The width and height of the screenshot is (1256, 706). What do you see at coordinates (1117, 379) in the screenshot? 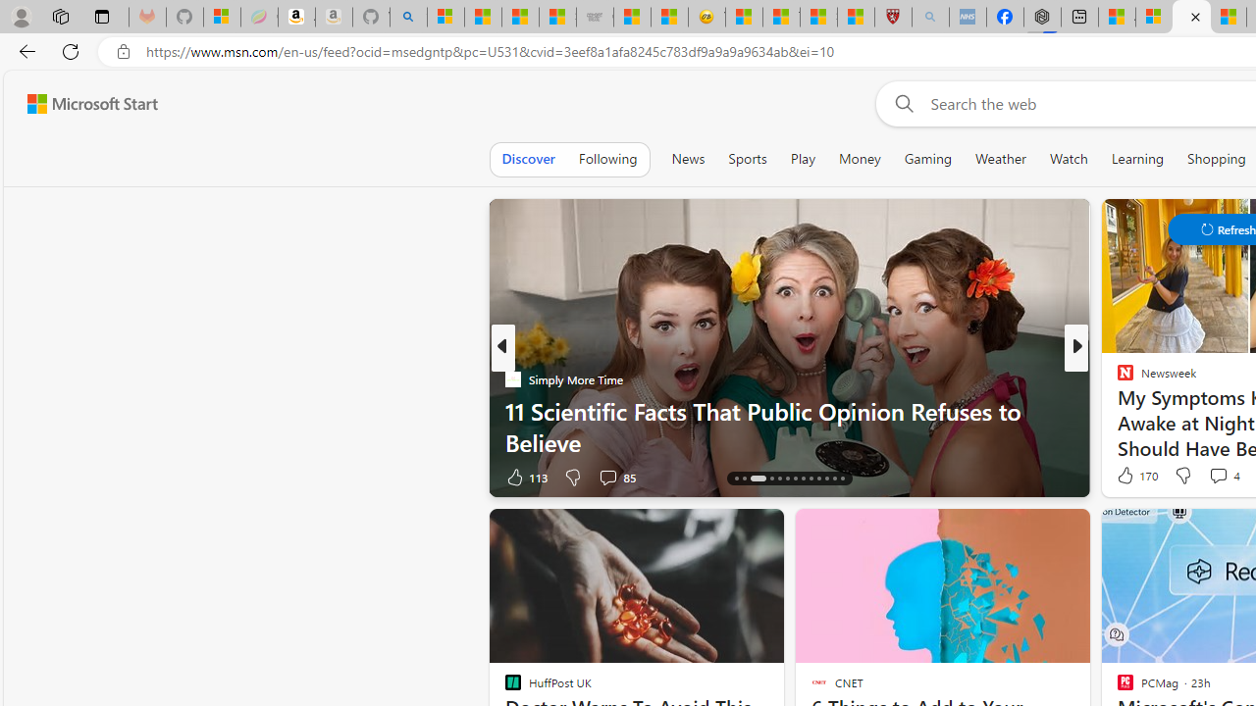
I see `'Popular Mechanics'` at bounding box center [1117, 379].